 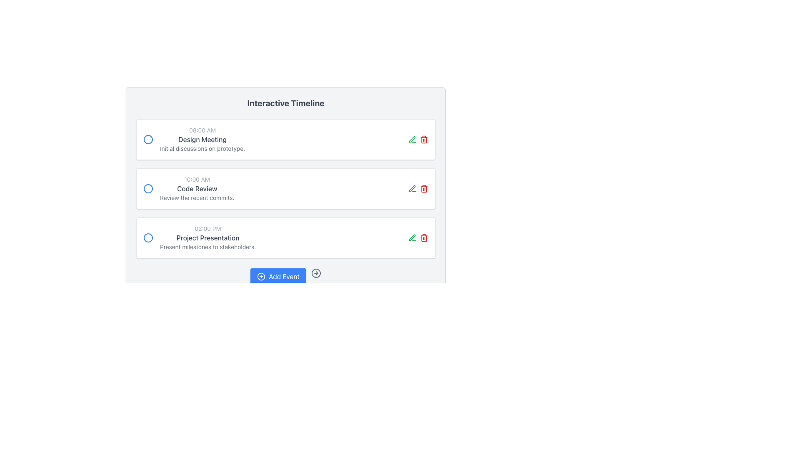 I want to click on the green-colored pen icon of the Interactive Icons (Edit and Delete) located at the top-right corner of the 'Project Presentation' item, so click(x=418, y=237).